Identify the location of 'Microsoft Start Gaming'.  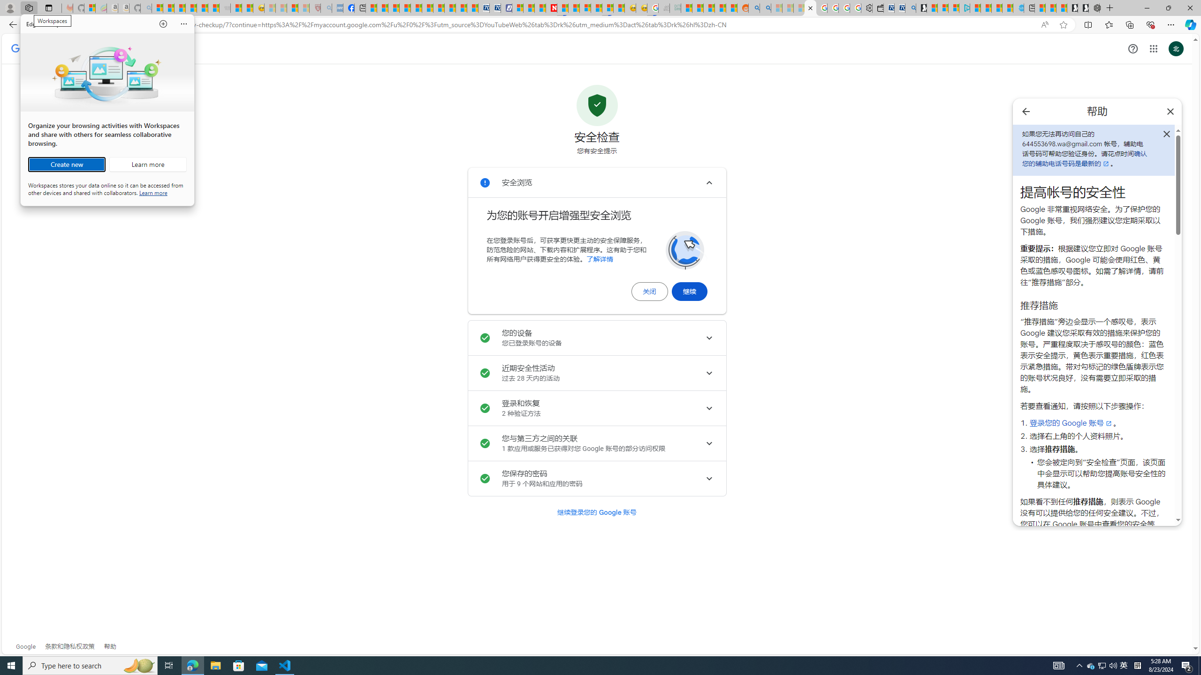
(920, 7).